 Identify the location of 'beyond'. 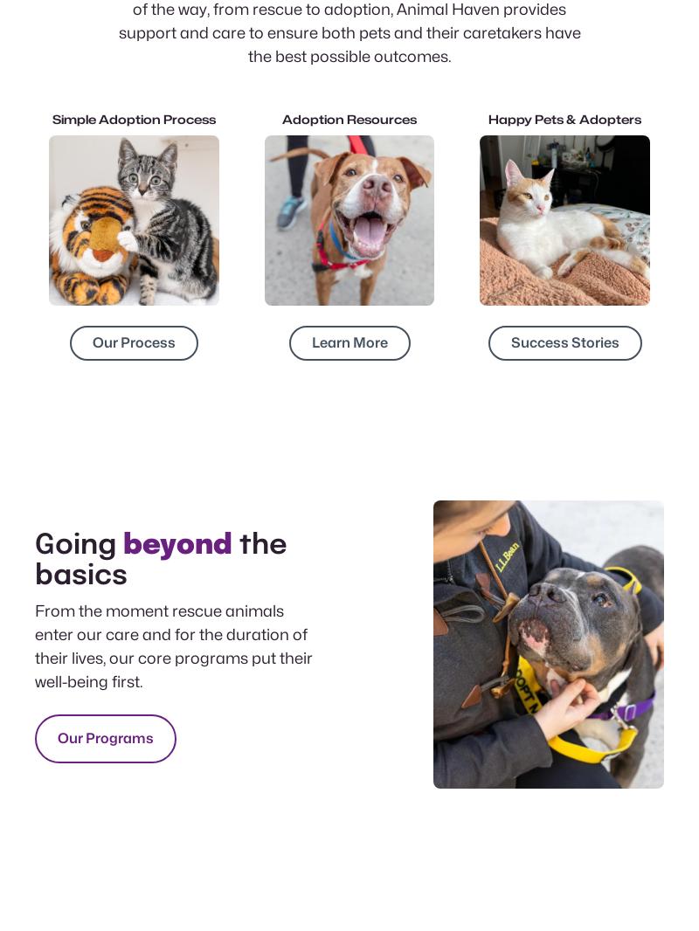
(177, 544).